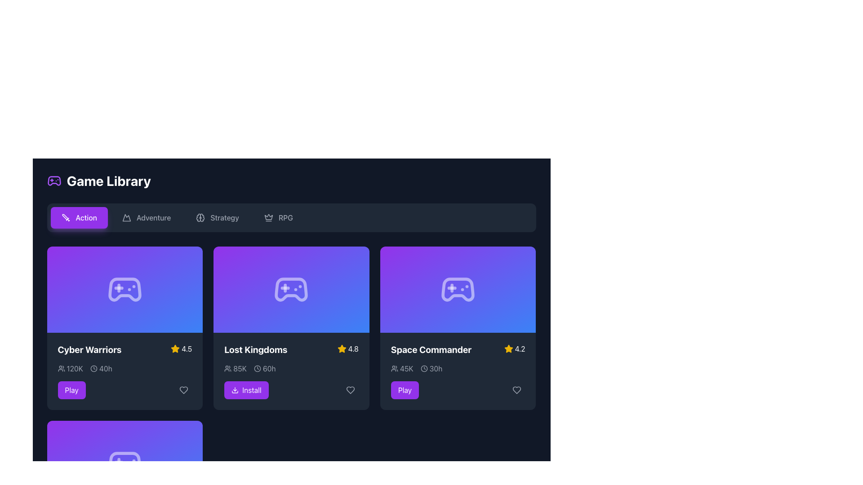 Image resolution: width=863 pixels, height=485 pixels. I want to click on the clock icon located within the 'Cyber Warriors' card in the 'Game Library', positioned to the left of the text '40h', so click(93, 369).